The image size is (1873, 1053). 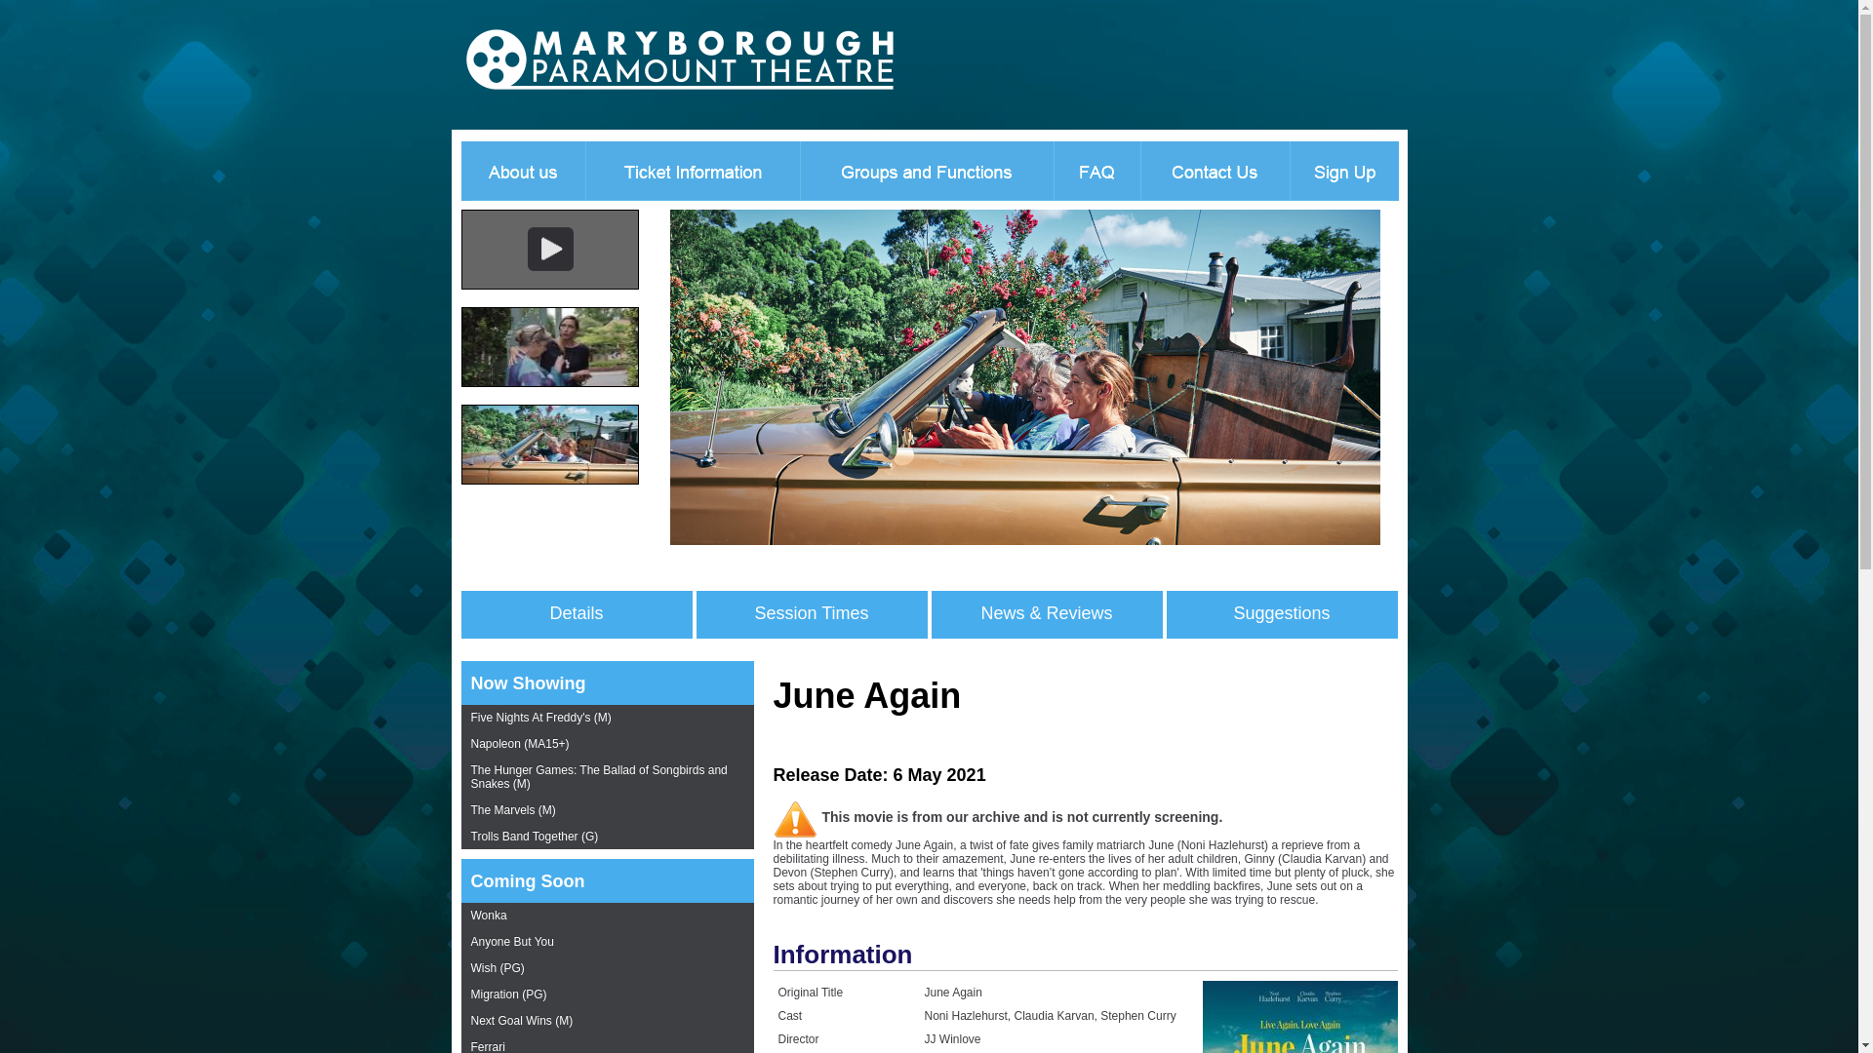 What do you see at coordinates (606, 1020) in the screenshot?
I see `'Next Goal Wins (M)'` at bounding box center [606, 1020].